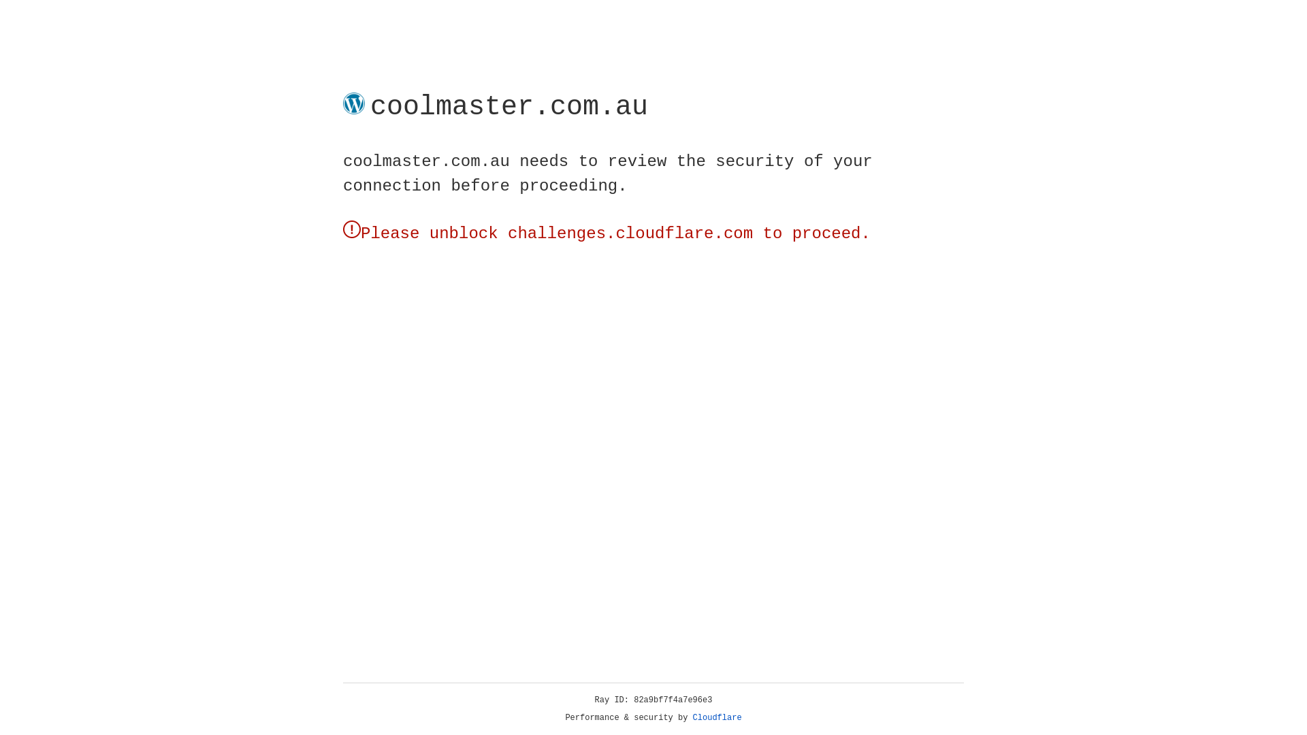  What do you see at coordinates (717, 717) in the screenshot?
I see `'Cloudflare'` at bounding box center [717, 717].